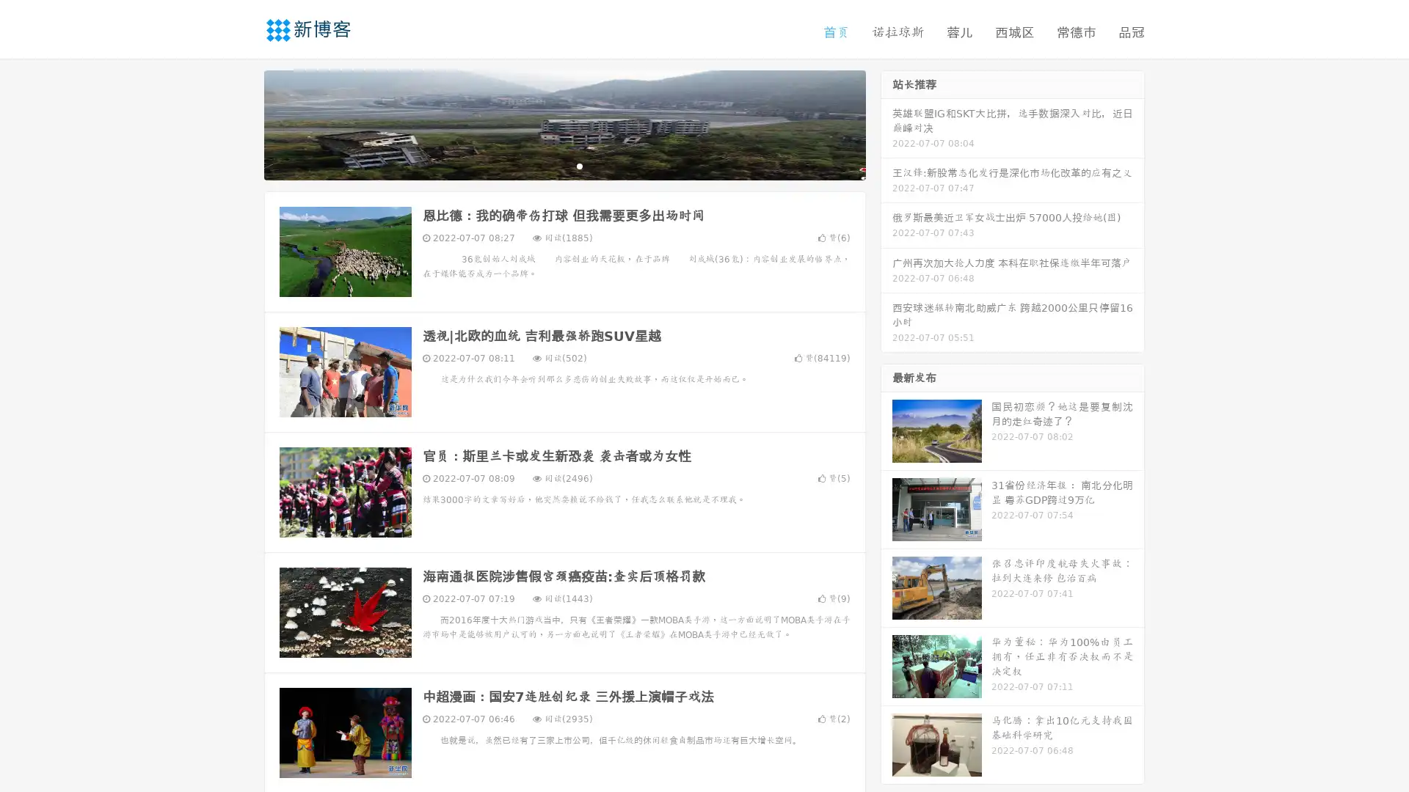 This screenshot has width=1409, height=792. Describe the element at coordinates (564, 165) in the screenshot. I see `Go to slide 2` at that location.